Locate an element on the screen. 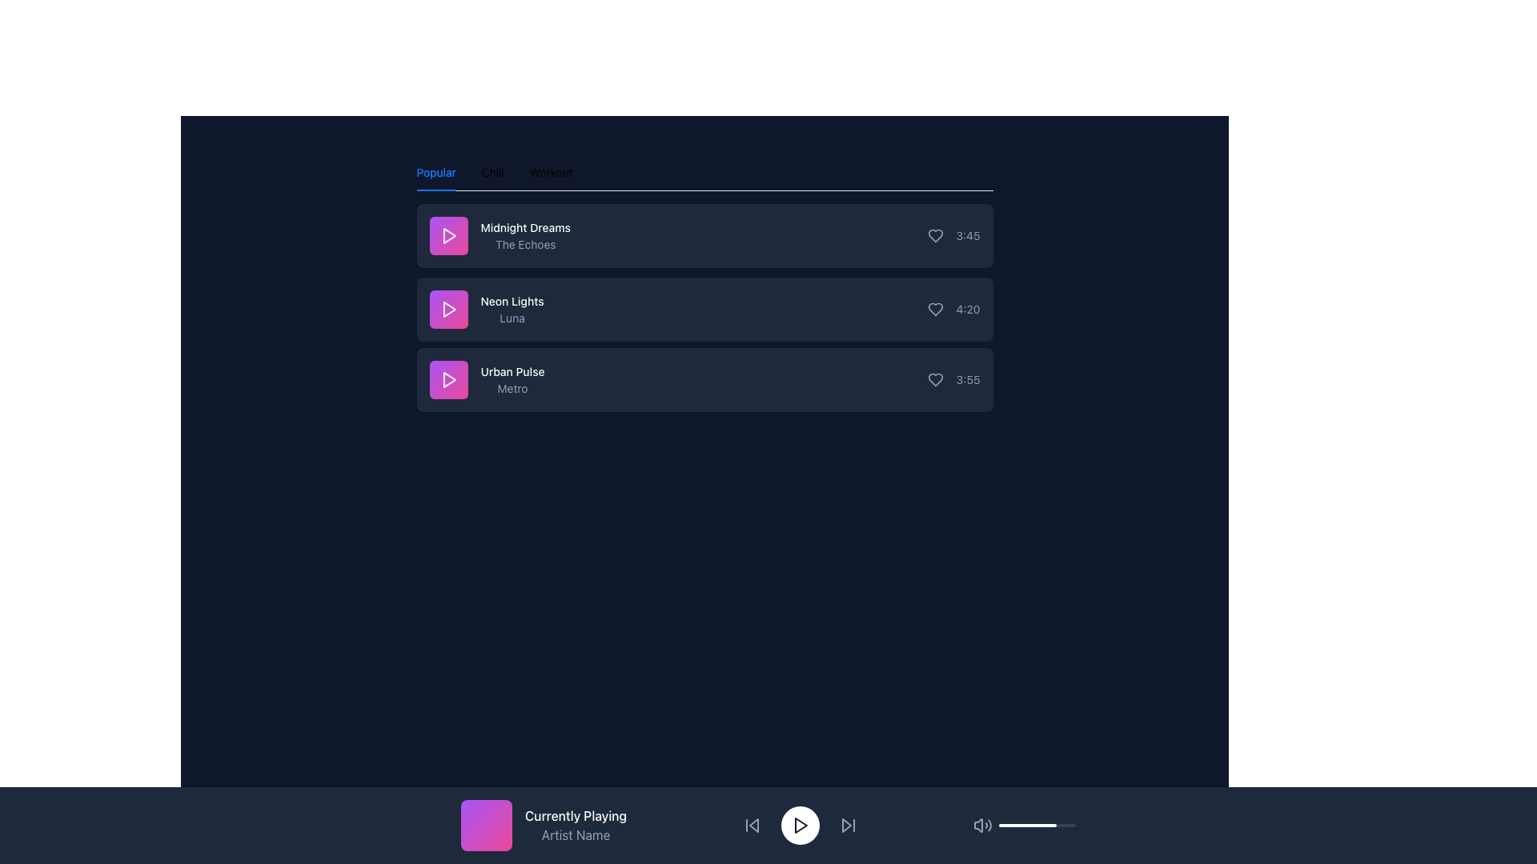 This screenshot has width=1537, height=864. the static text display showing '4:20' in light gray color, located in the second row of the list labeled 'Neon Lights - Luna' is located at coordinates (967, 309).